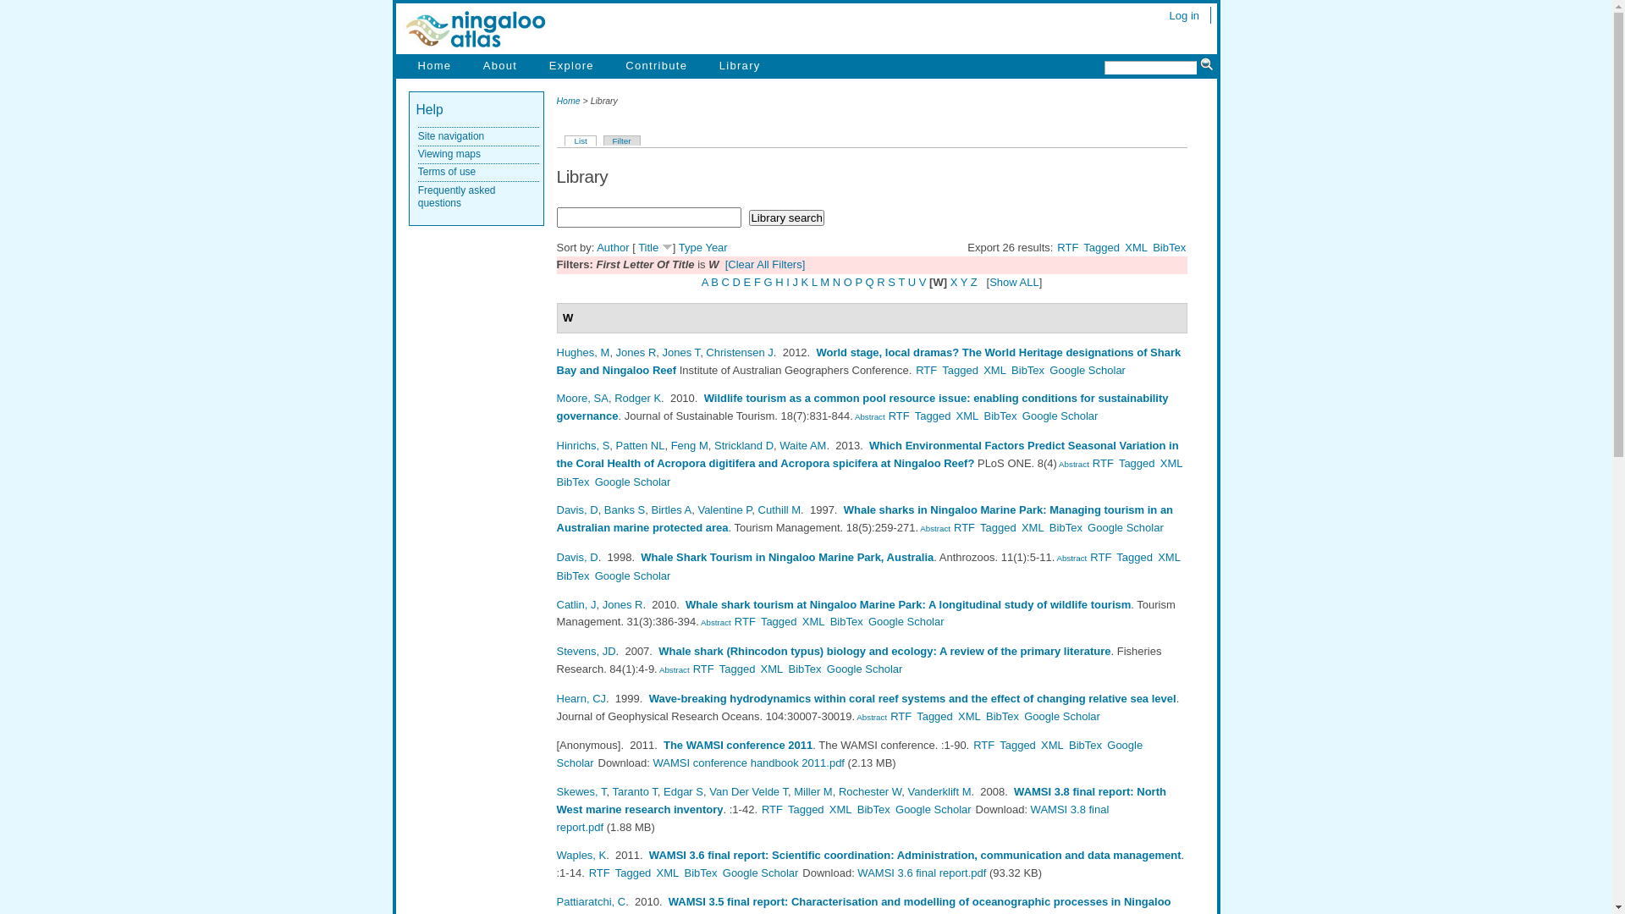 Image resolution: width=1625 pixels, height=914 pixels. Describe the element at coordinates (640, 444) in the screenshot. I see `'Patten NL'` at that location.